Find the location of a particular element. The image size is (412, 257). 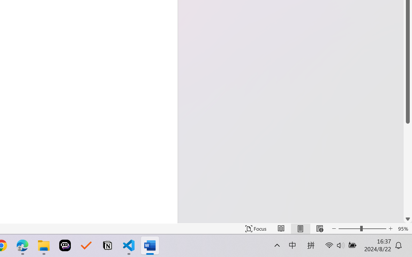

'Zoom 95%' is located at coordinates (403, 228).